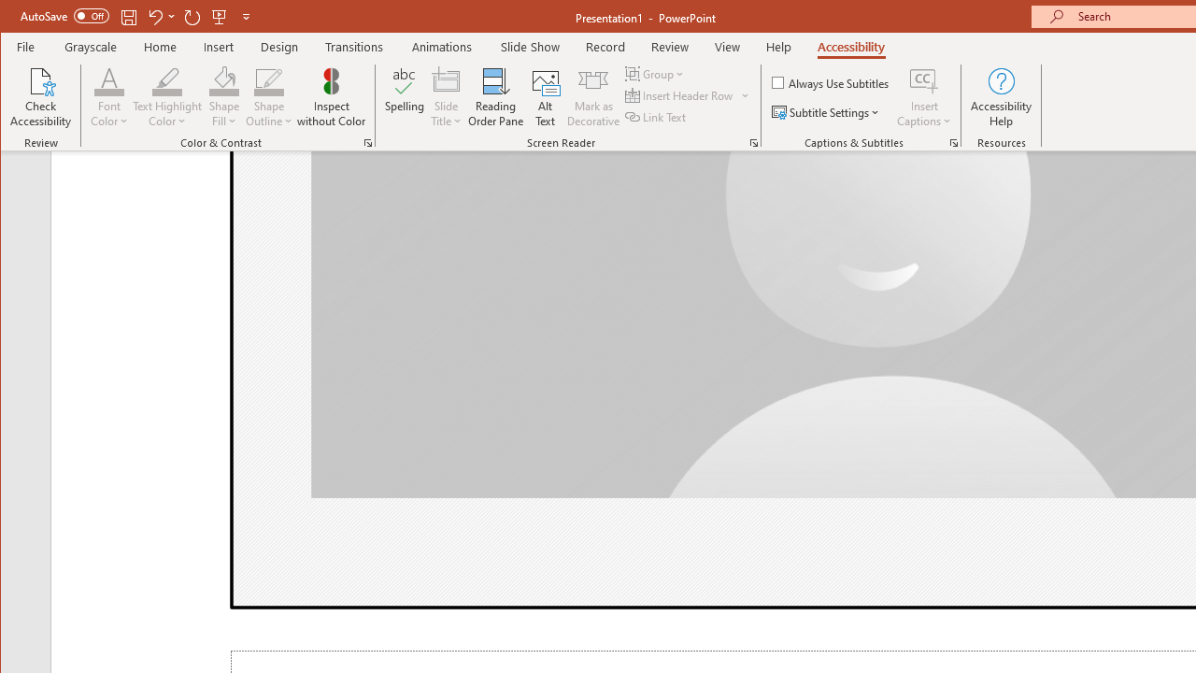  Describe the element at coordinates (446, 97) in the screenshot. I see `'Slide Title'` at that location.